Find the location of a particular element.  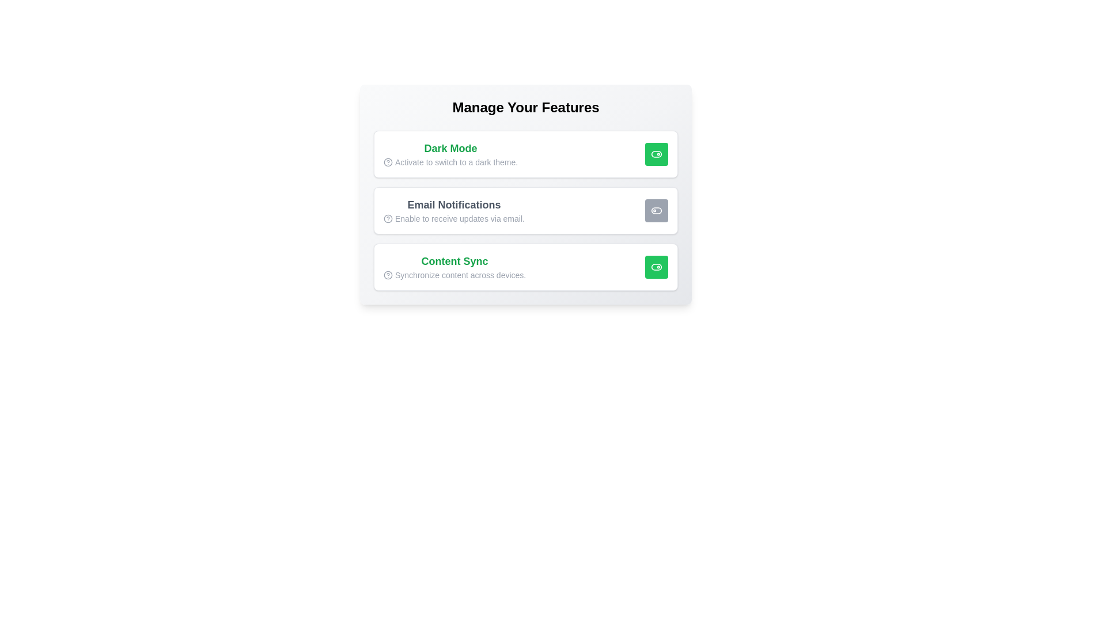

the text Content Sync by selecting it is located at coordinates (454, 261).